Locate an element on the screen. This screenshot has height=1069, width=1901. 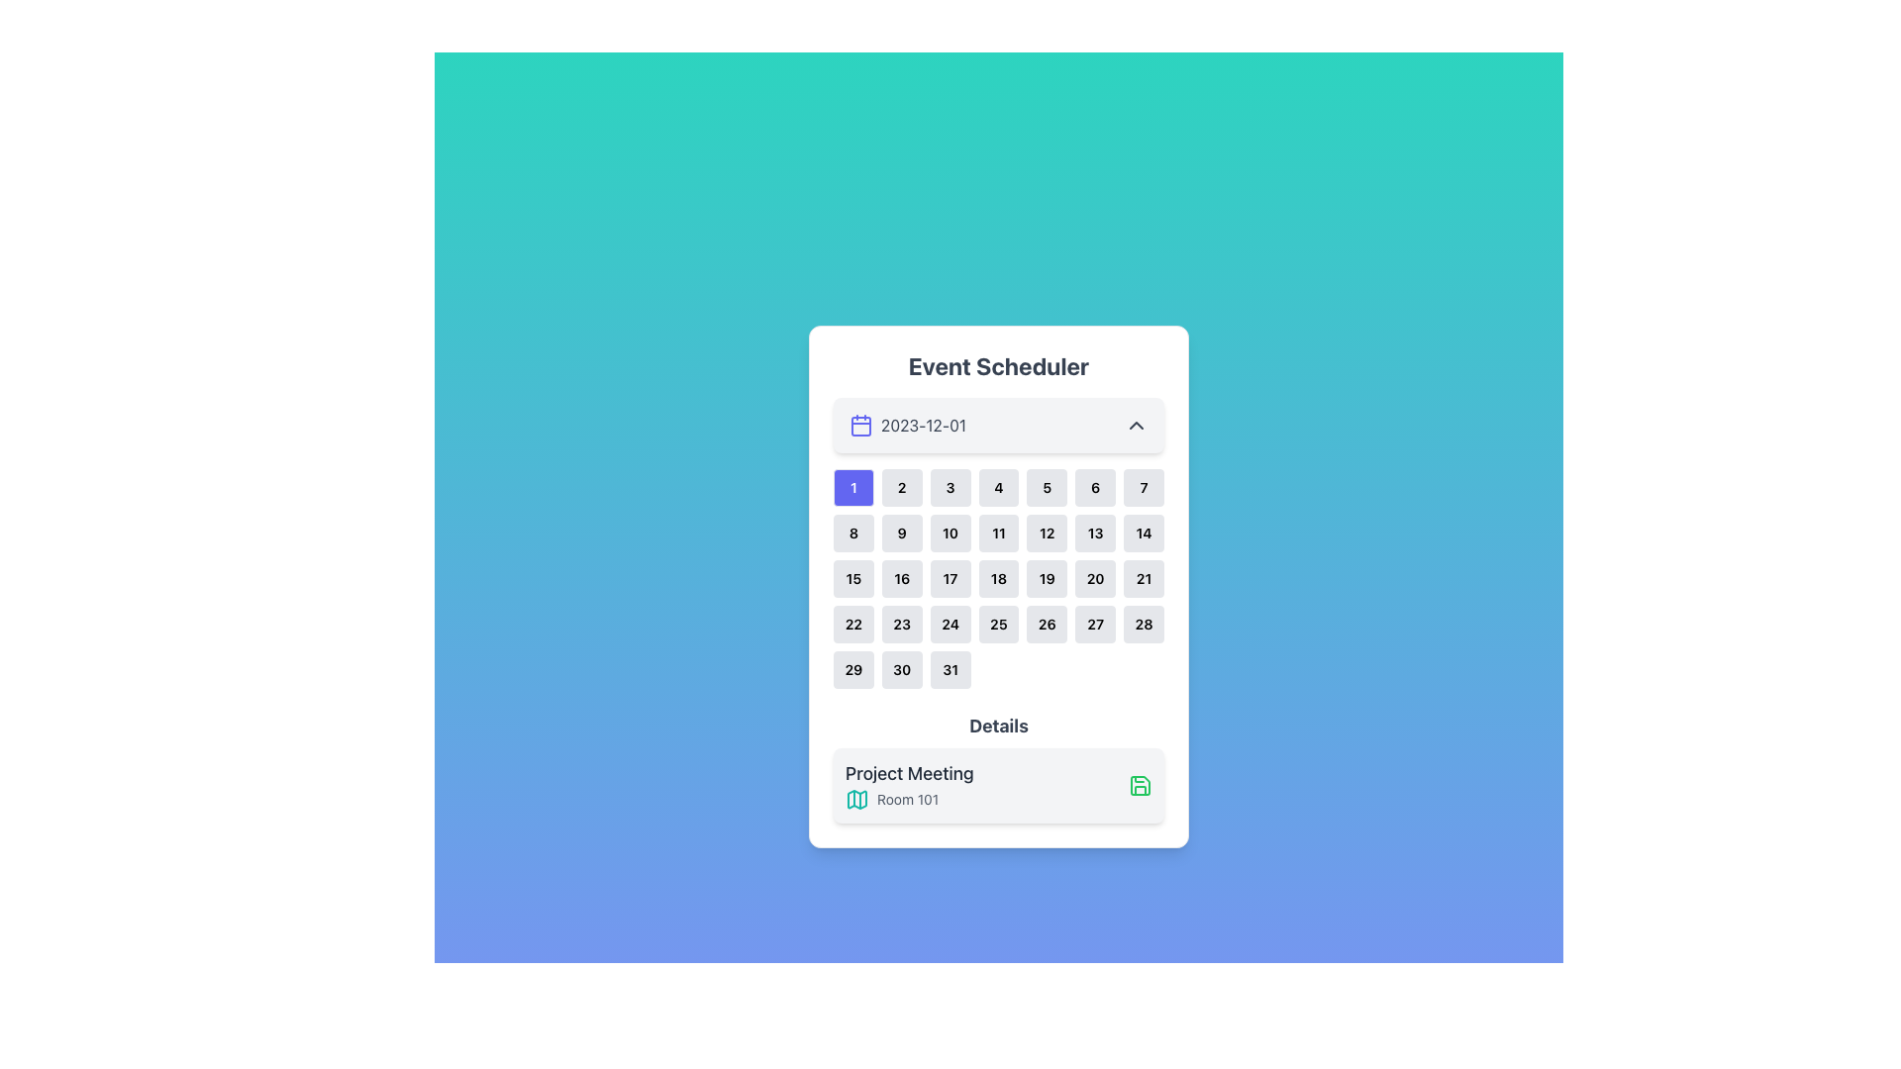
the light gray button labeled '23' in the calendar component is located at coordinates (901, 625).